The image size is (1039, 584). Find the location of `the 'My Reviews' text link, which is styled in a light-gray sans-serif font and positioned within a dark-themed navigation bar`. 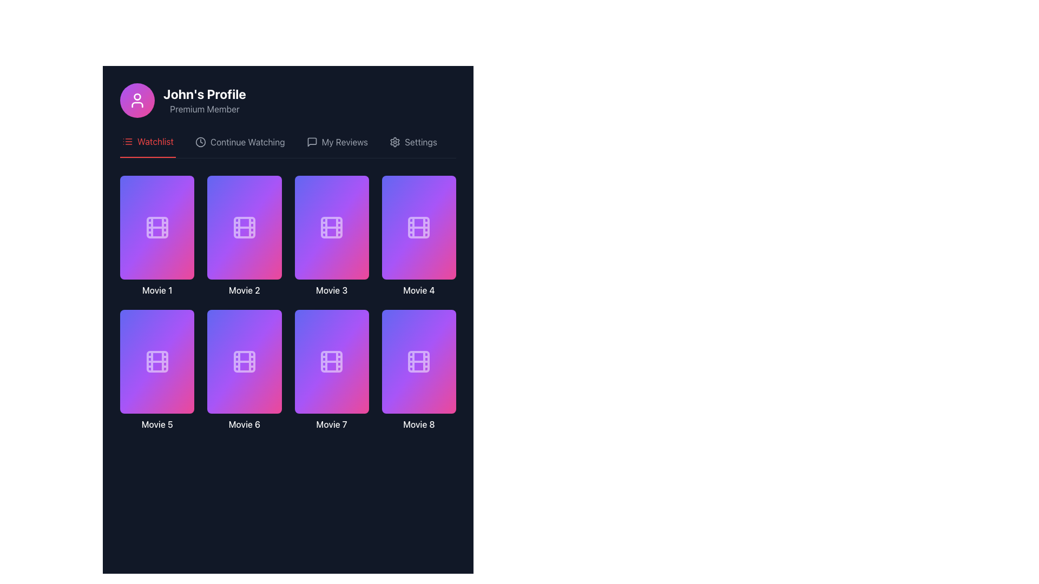

the 'My Reviews' text link, which is styled in a light-gray sans-serif font and positioned within a dark-themed navigation bar is located at coordinates (344, 141).